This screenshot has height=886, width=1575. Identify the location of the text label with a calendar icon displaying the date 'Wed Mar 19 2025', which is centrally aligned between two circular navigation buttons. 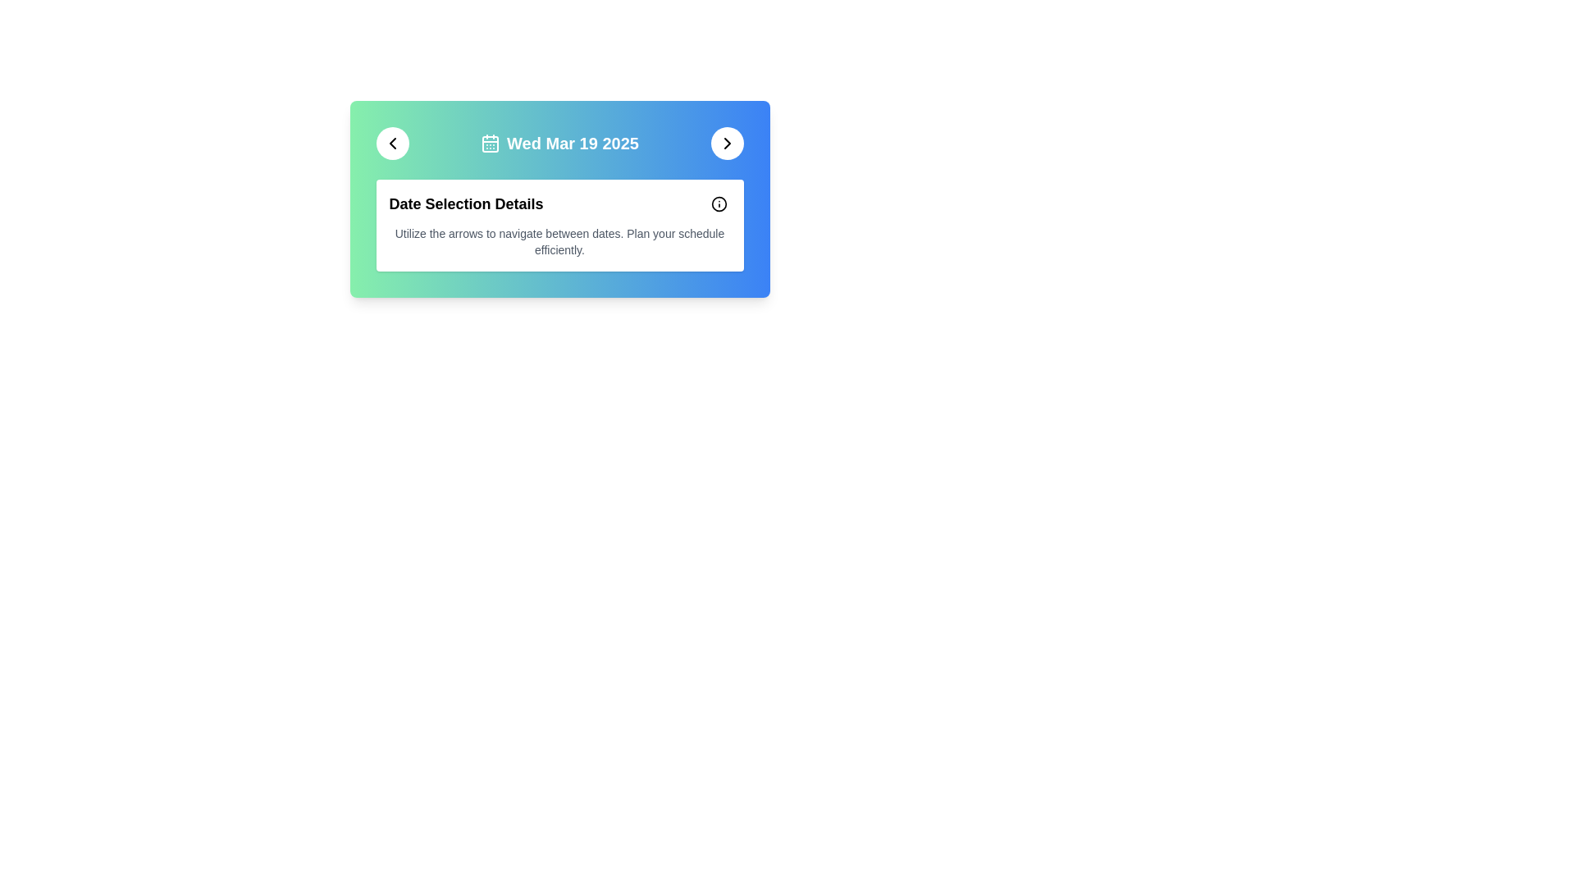
(559, 142).